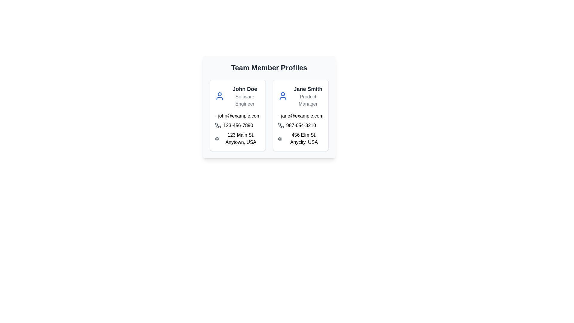 Image resolution: width=574 pixels, height=323 pixels. I want to click on the email address text snippet 'jane@example.com' which is located in the user profile card, positioned below the user's name and title, so click(300, 116).